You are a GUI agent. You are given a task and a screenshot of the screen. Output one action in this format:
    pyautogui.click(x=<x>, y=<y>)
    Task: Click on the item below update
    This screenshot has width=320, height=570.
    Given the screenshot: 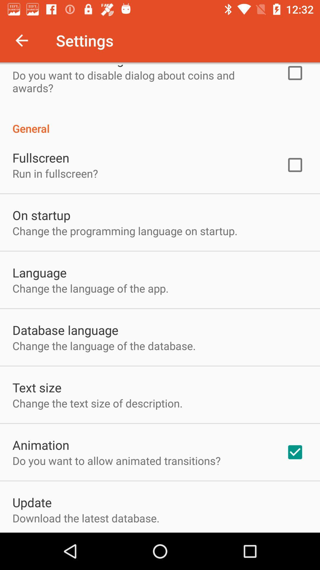 What is the action you would take?
    pyautogui.click(x=86, y=518)
    